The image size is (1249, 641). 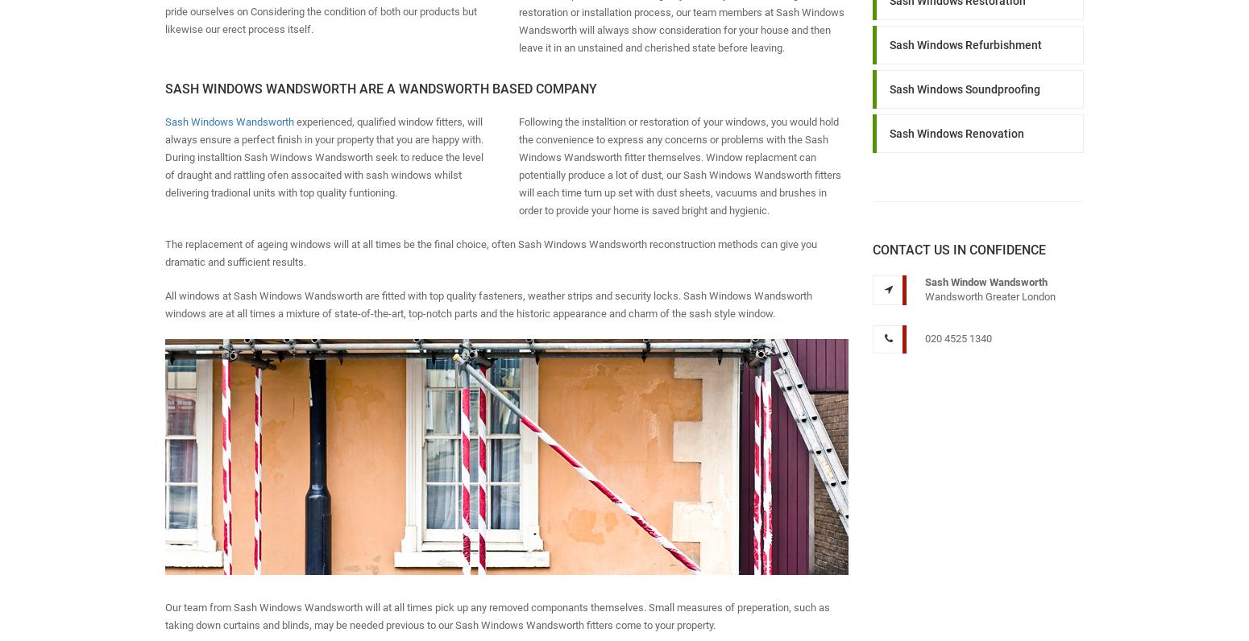 What do you see at coordinates (990, 296) in the screenshot?
I see `'Wandsworth Greater London'` at bounding box center [990, 296].